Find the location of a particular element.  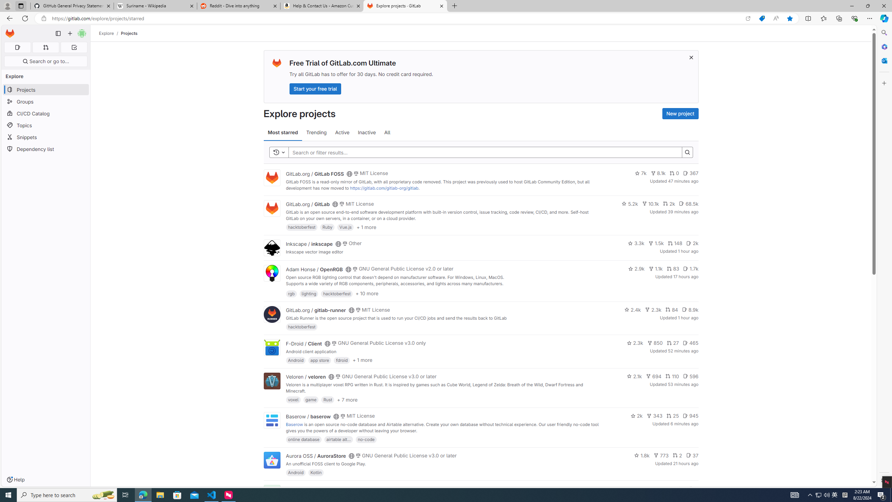

'no-code' is located at coordinates (366, 439).